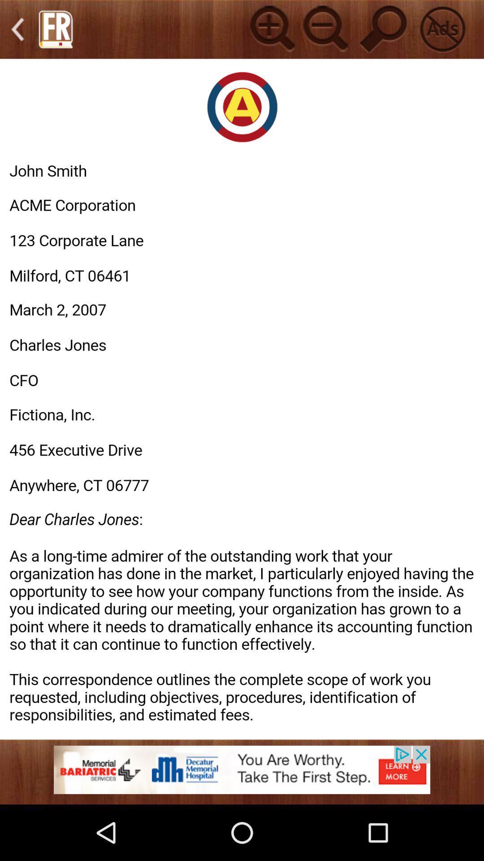  Describe the element at coordinates (442, 31) in the screenshot. I see `the avatar icon` at that location.